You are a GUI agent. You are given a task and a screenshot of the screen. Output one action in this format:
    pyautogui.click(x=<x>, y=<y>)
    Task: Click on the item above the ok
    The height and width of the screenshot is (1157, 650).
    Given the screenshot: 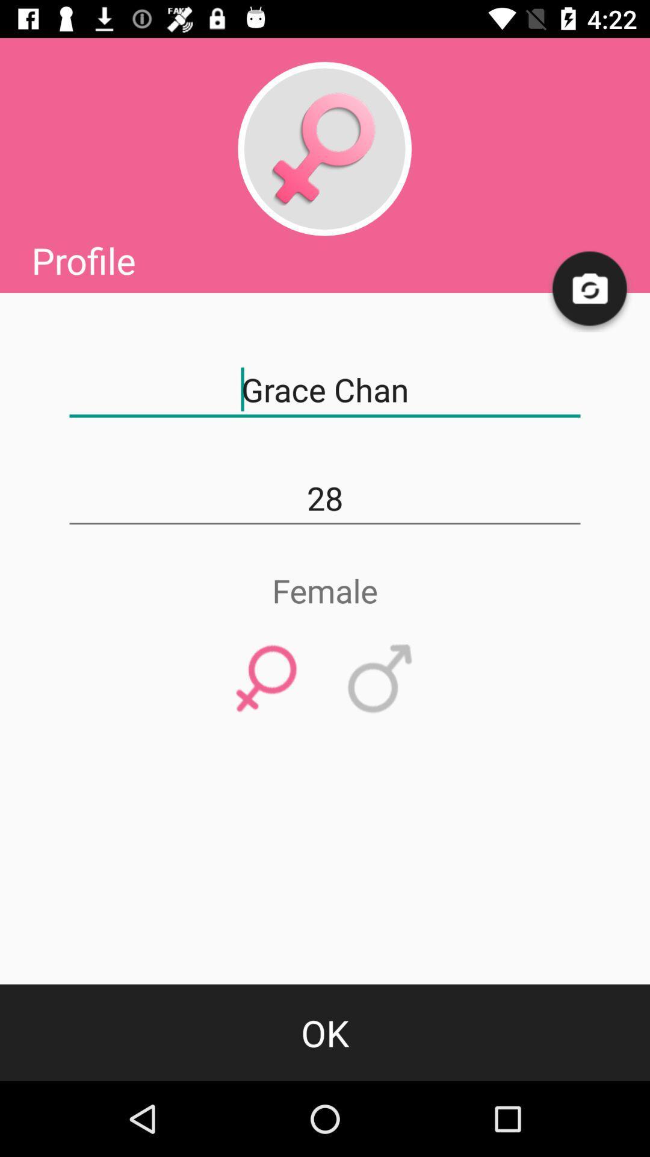 What is the action you would take?
    pyautogui.click(x=380, y=679)
    